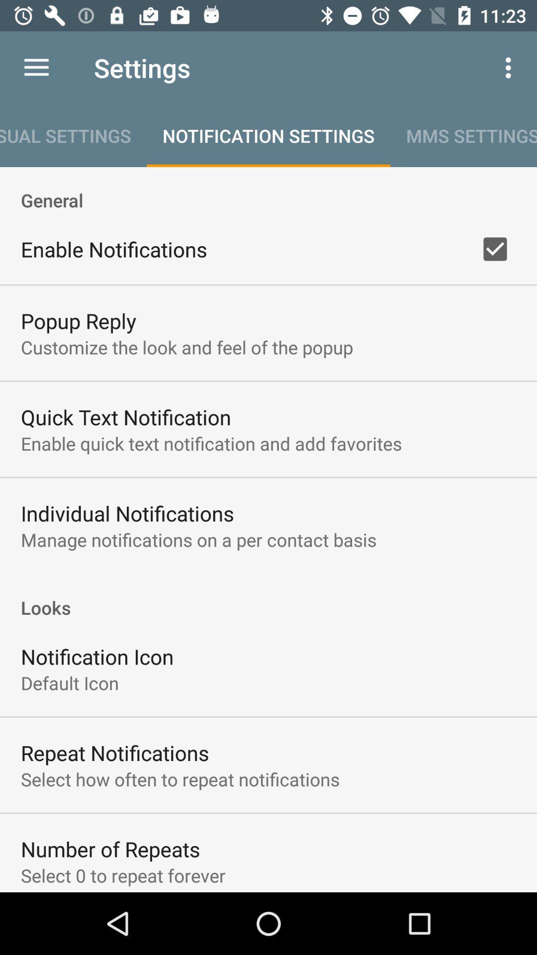 The image size is (537, 955). What do you see at coordinates (198, 539) in the screenshot?
I see `the manage notifications on` at bounding box center [198, 539].